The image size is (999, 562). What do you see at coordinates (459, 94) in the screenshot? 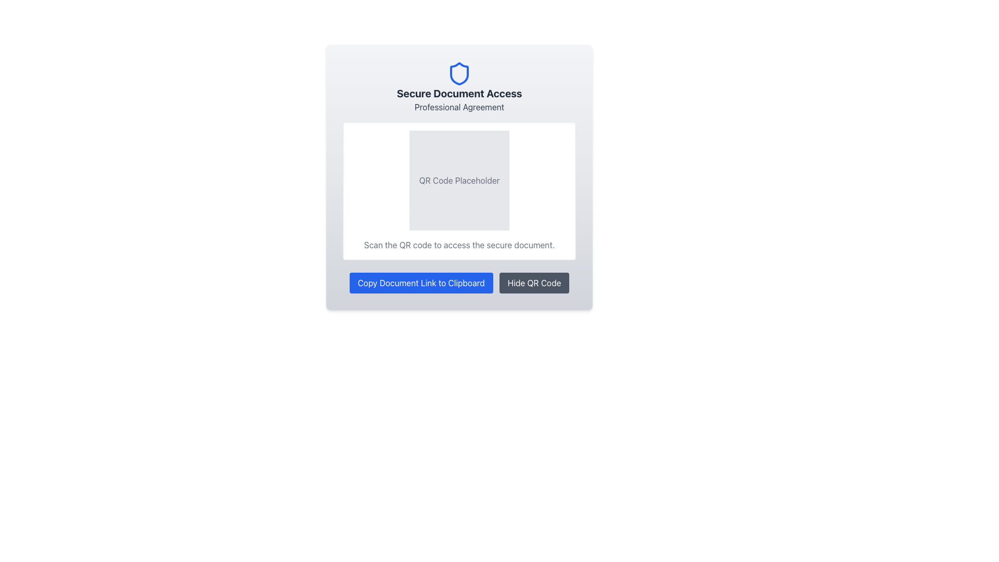
I see `text heading labeled 'Secure Document Access', which is a bold, extra-large text element located at the top of the central UI area` at bounding box center [459, 94].